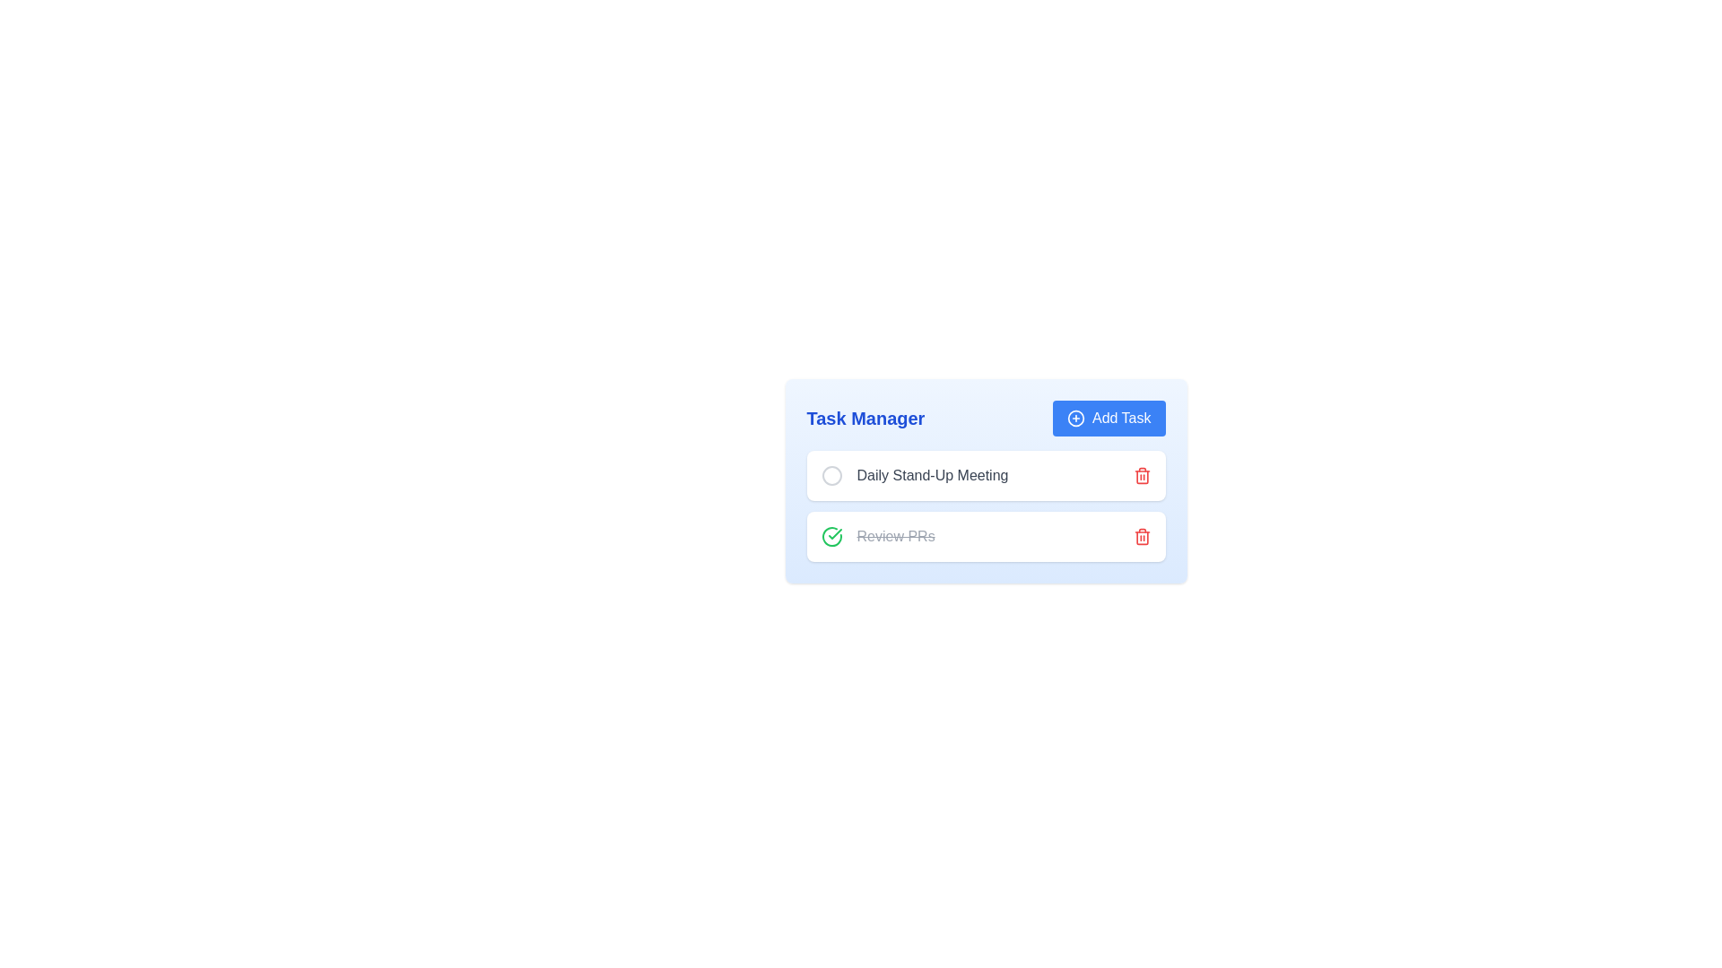 Image resolution: width=1722 pixels, height=968 pixels. Describe the element at coordinates (865, 418) in the screenshot. I see `the Text Label that serves as a title or header for the section, positioned to the left of the 'Add Task' button` at that location.